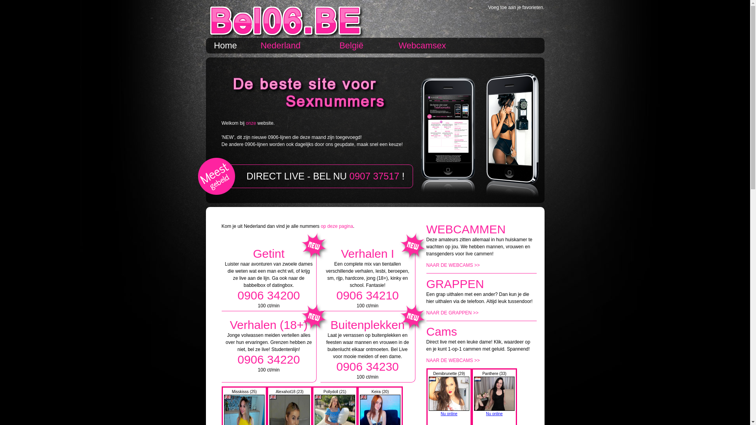 This screenshot has width=756, height=425. I want to click on 'Nederland', so click(280, 45).